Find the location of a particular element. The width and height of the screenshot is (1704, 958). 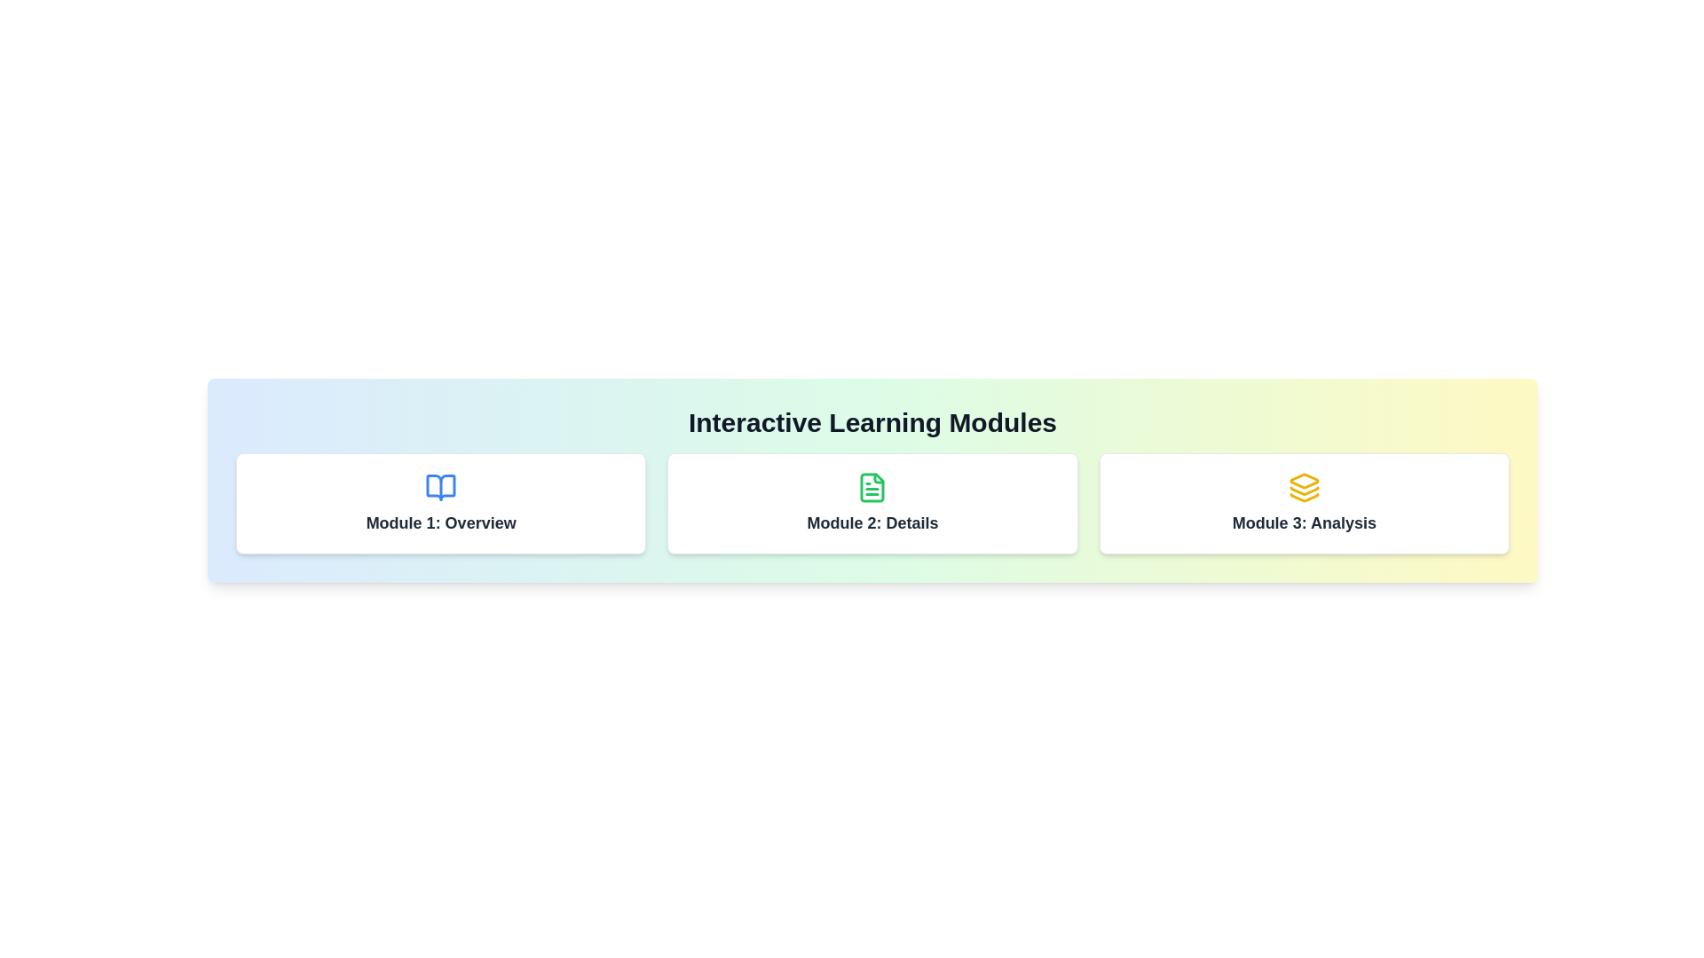

the text label that serves as the title for the third module, located centrally below the icon in the third module section is located at coordinates (1304, 522).